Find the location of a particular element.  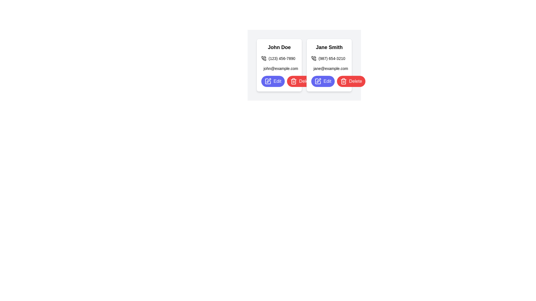

the 'Edit' button located at the bottom-left corner of the card displaying 'John Doe' information for further interaction is located at coordinates (279, 81).